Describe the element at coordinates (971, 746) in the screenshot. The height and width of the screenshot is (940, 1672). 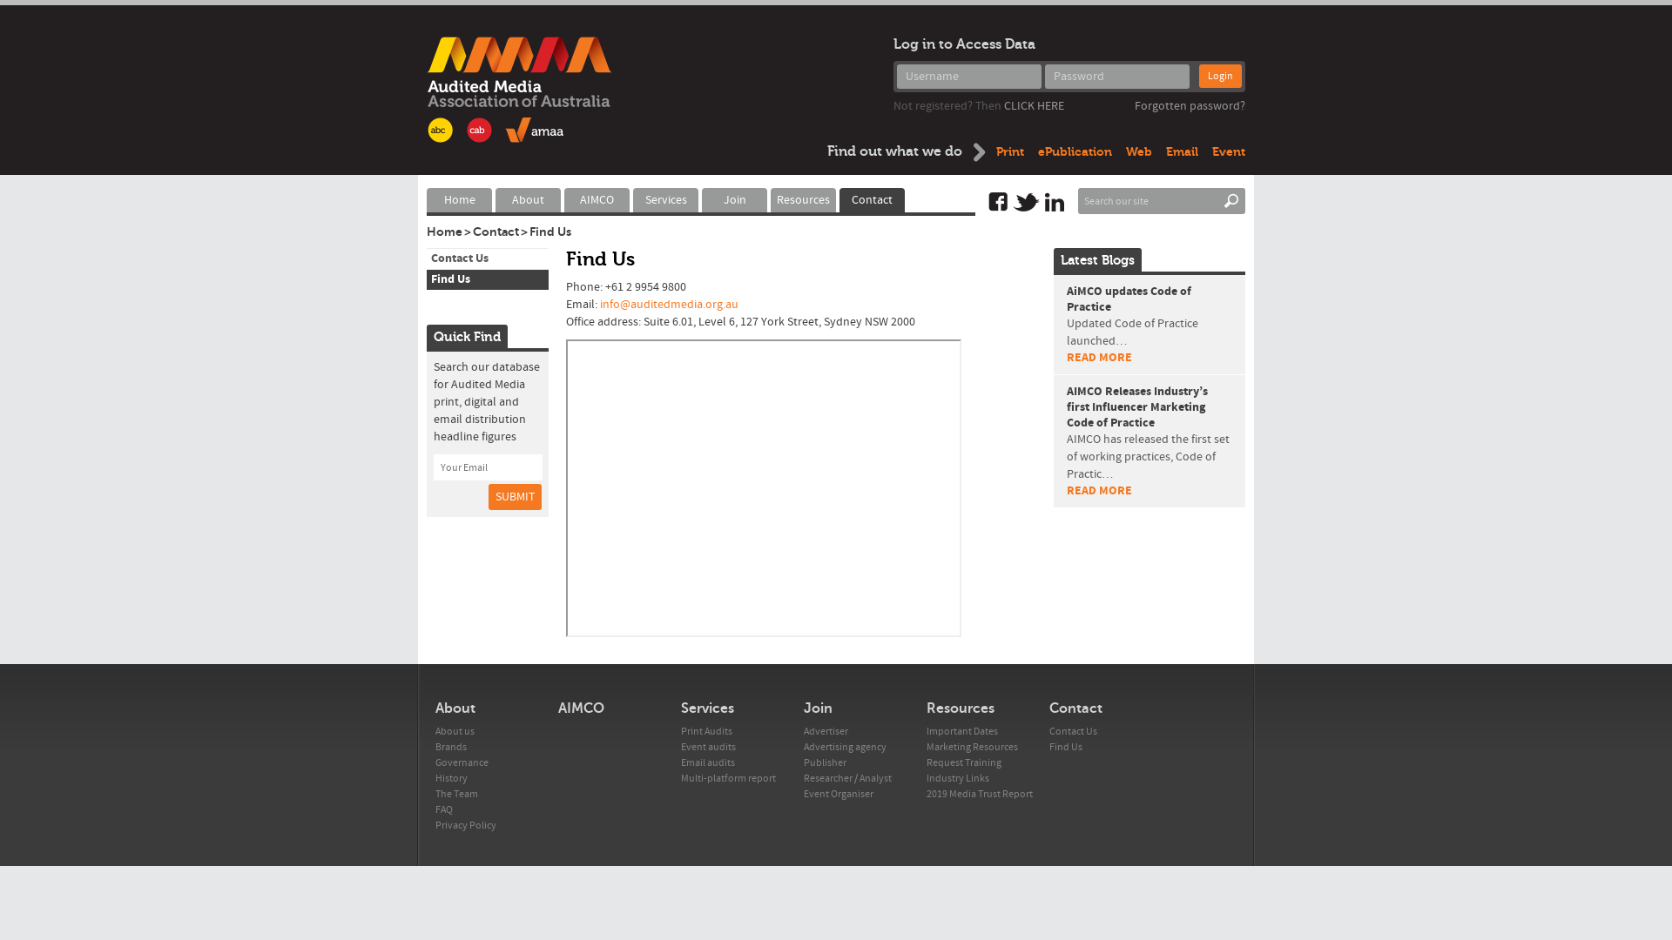
I see `'Marketing Resources'` at that location.